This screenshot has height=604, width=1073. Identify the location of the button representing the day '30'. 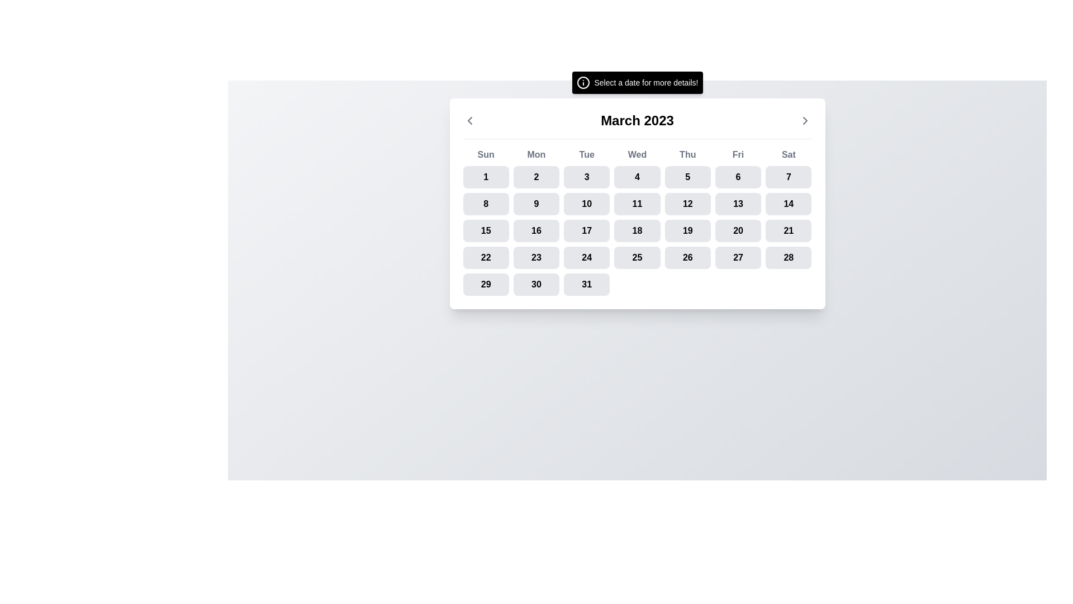
(536, 284).